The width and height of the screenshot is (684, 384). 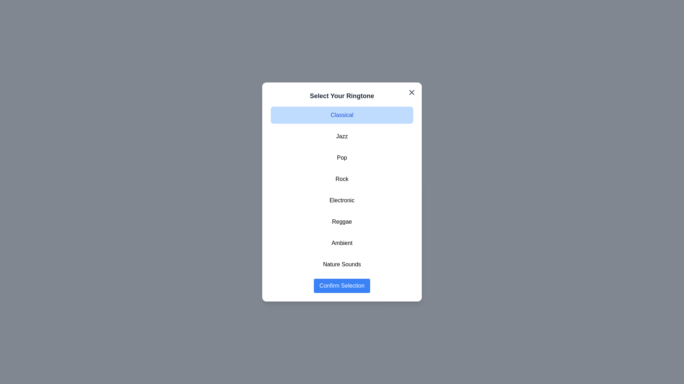 What do you see at coordinates (342, 242) in the screenshot?
I see `the ringtone Ambient from the list` at bounding box center [342, 242].